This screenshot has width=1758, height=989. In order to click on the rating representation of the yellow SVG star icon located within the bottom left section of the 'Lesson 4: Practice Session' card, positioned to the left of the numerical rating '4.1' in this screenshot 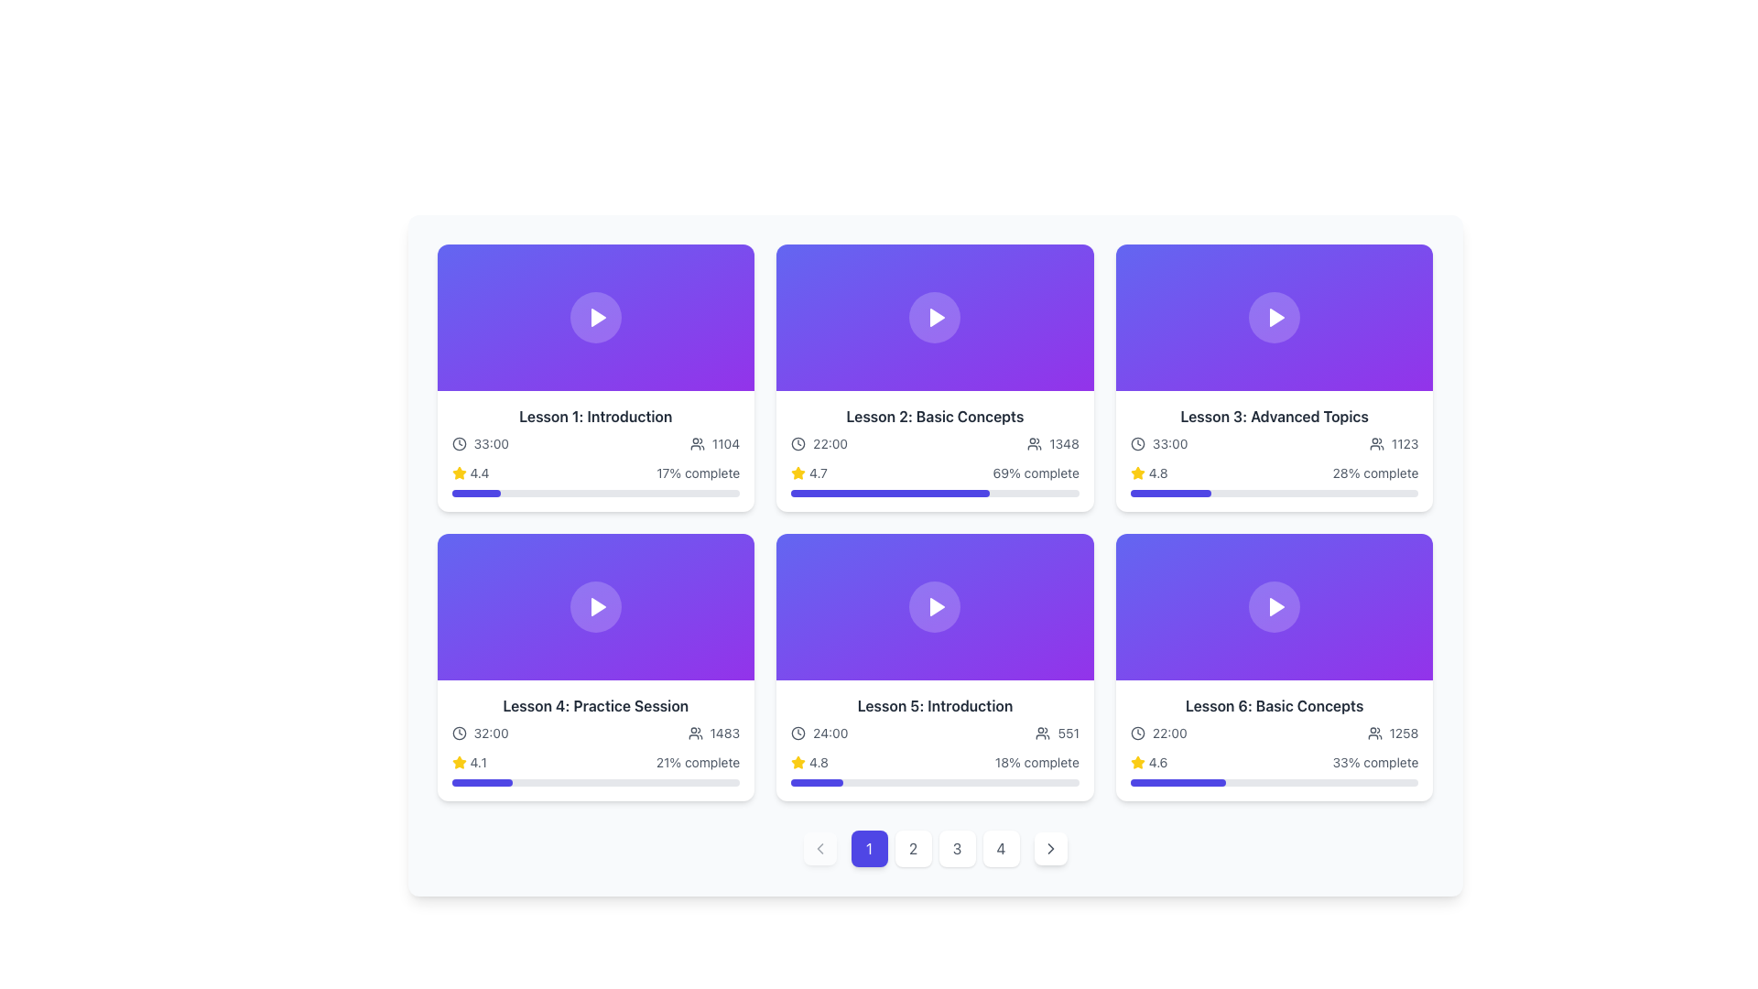, I will do `click(459, 763)`.